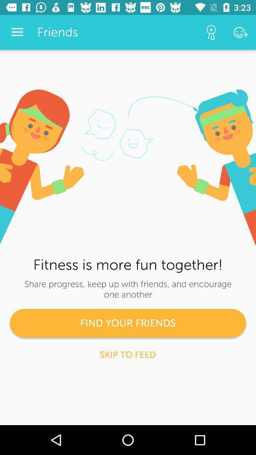 Image resolution: width=256 pixels, height=455 pixels. What do you see at coordinates (128, 354) in the screenshot?
I see `the item below the find your friends icon` at bounding box center [128, 354].